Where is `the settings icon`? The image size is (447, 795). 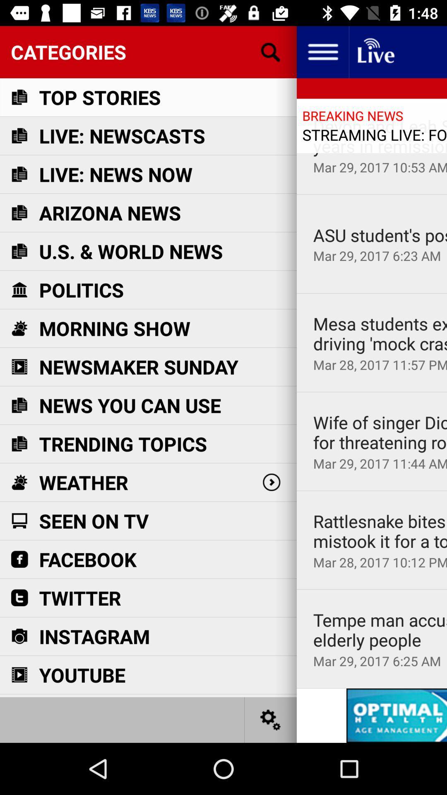 the settings icon is located at coordinates (271, 719).